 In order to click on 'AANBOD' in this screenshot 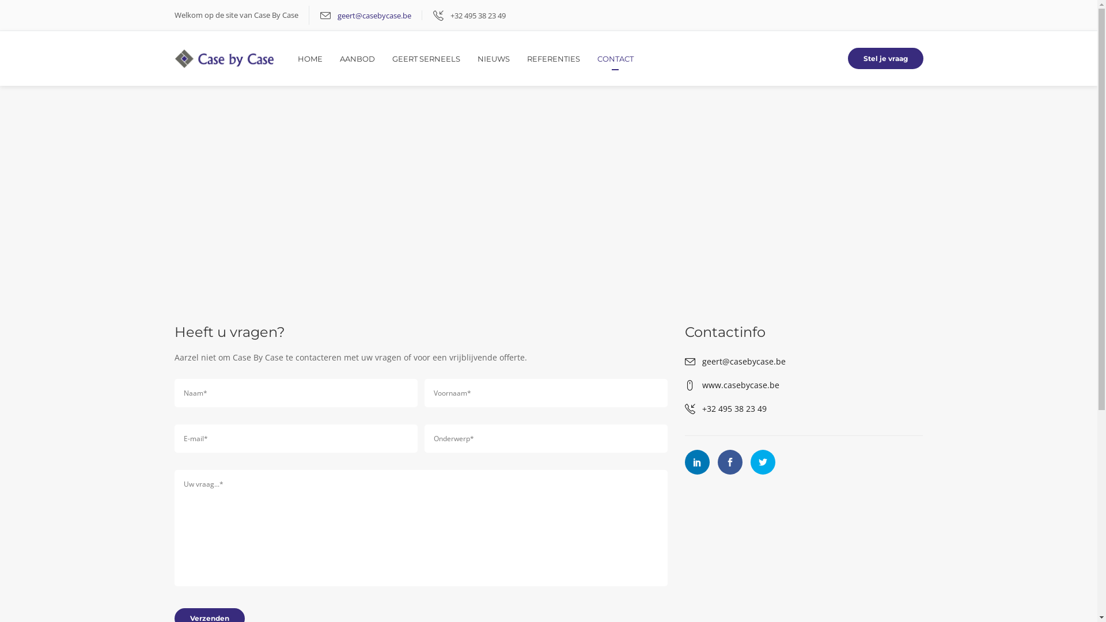, I will do `click(339, 58)`.